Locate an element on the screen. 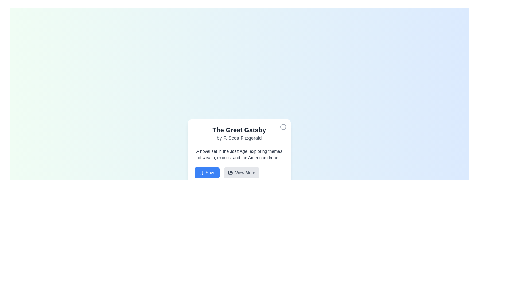 This screenshot has width=513, height=288. the informational icon button in the top-right corner of the book details section is located at coordinates (283, 127).